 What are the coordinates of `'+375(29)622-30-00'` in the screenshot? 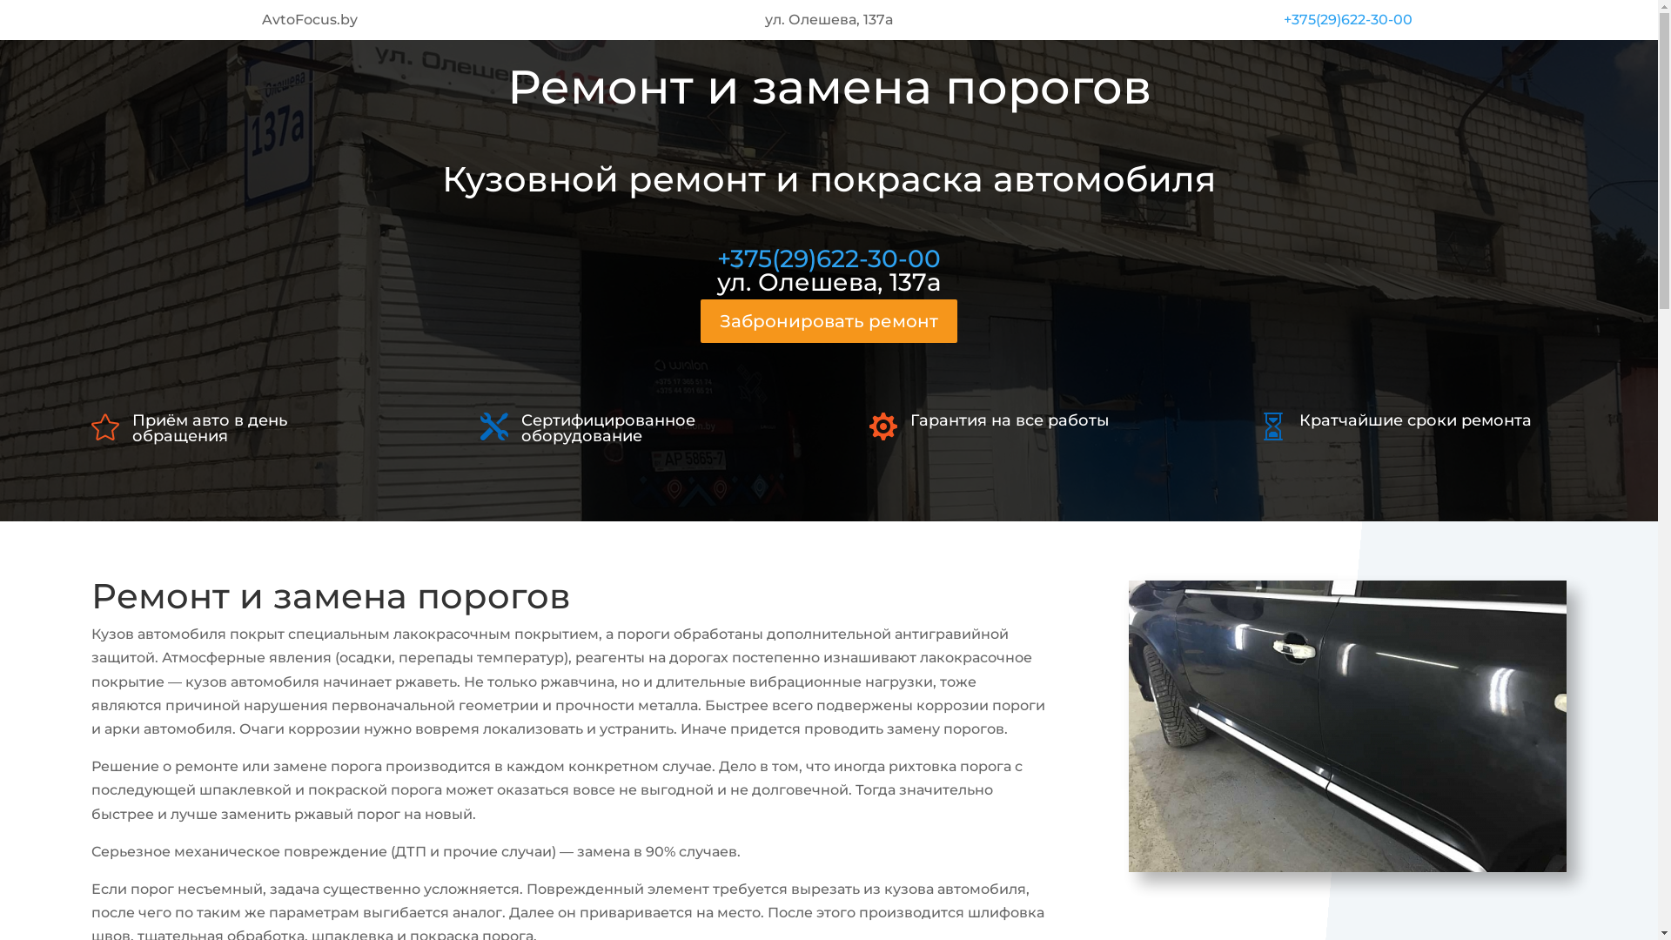 It's located at (1347, 19).